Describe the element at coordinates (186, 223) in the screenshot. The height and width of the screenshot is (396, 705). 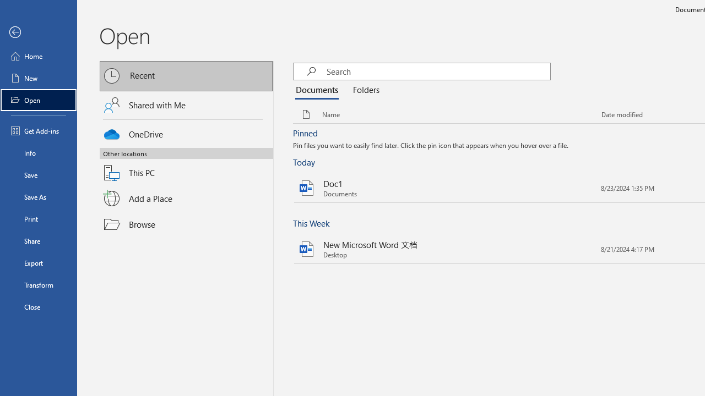
I see `'Browse'` at that location.